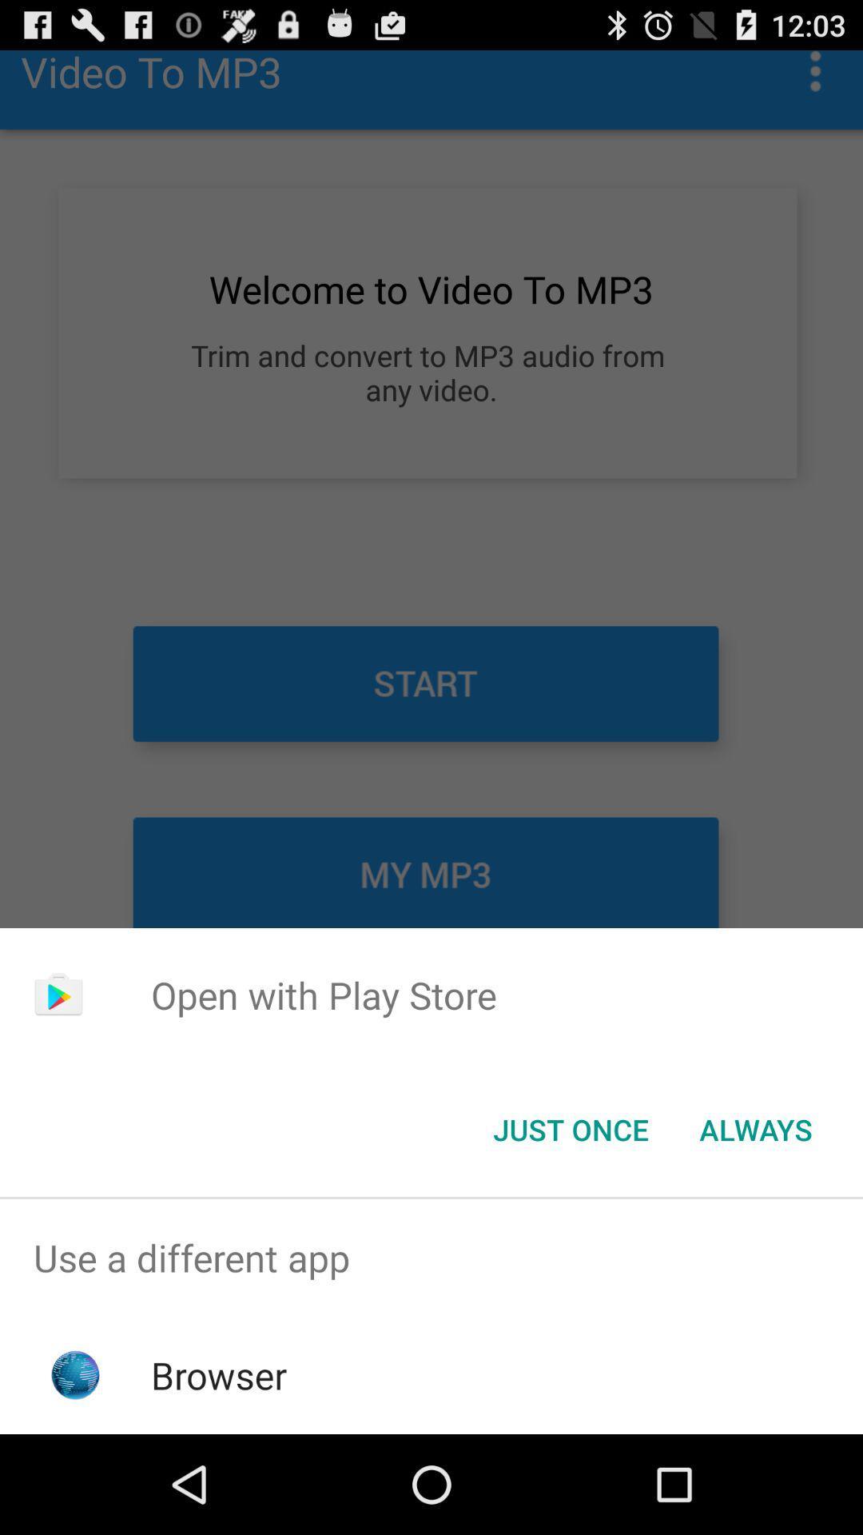 This screenshot has height=1535, width=863. I want to click on the item next to the always, so click(570, 1128).